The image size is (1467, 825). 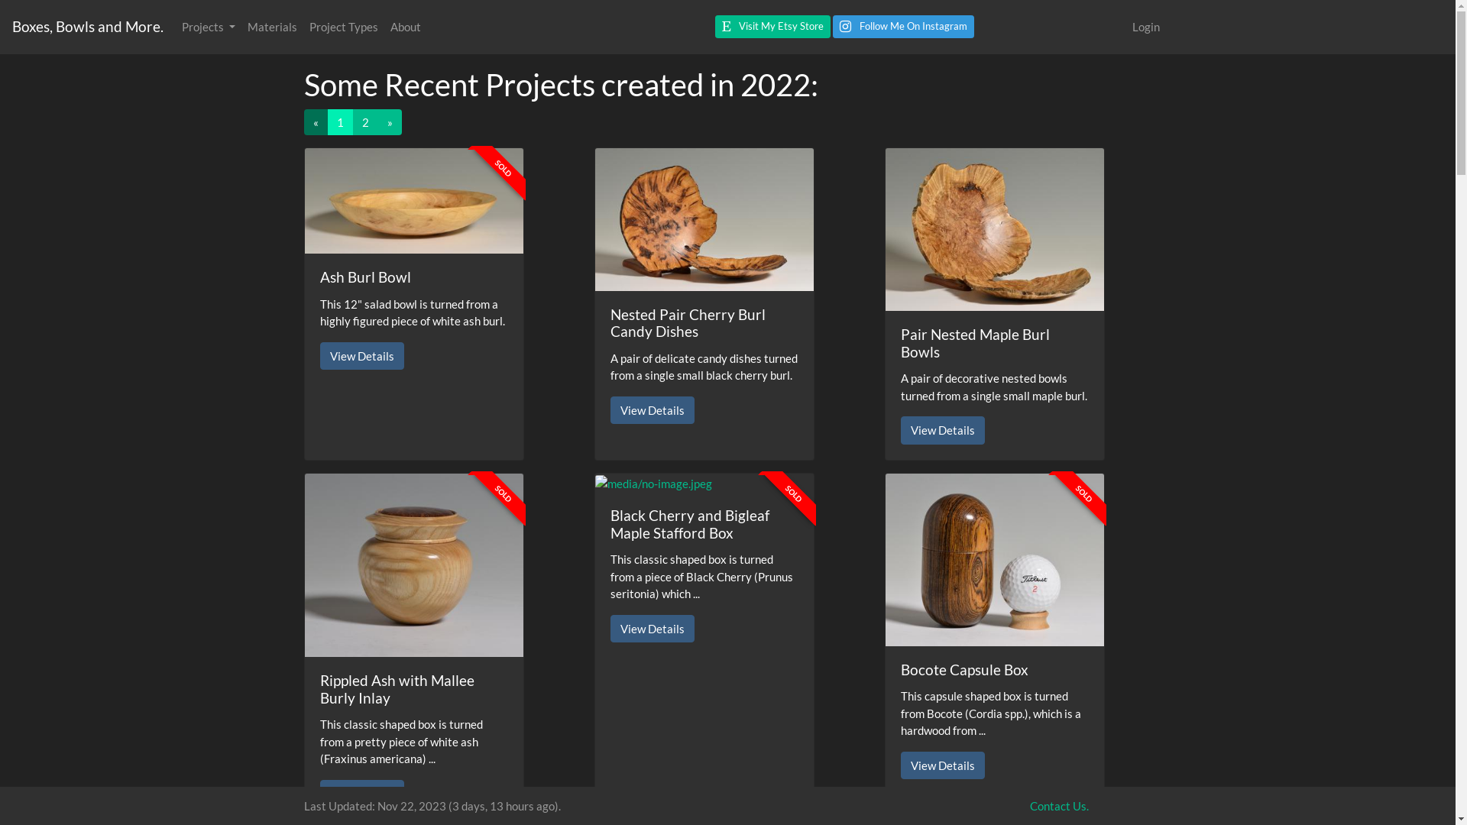 What do you see at coordinates (272, 27) in the screenshot?
I see `'Materials'` at bounding box center [272, 27].